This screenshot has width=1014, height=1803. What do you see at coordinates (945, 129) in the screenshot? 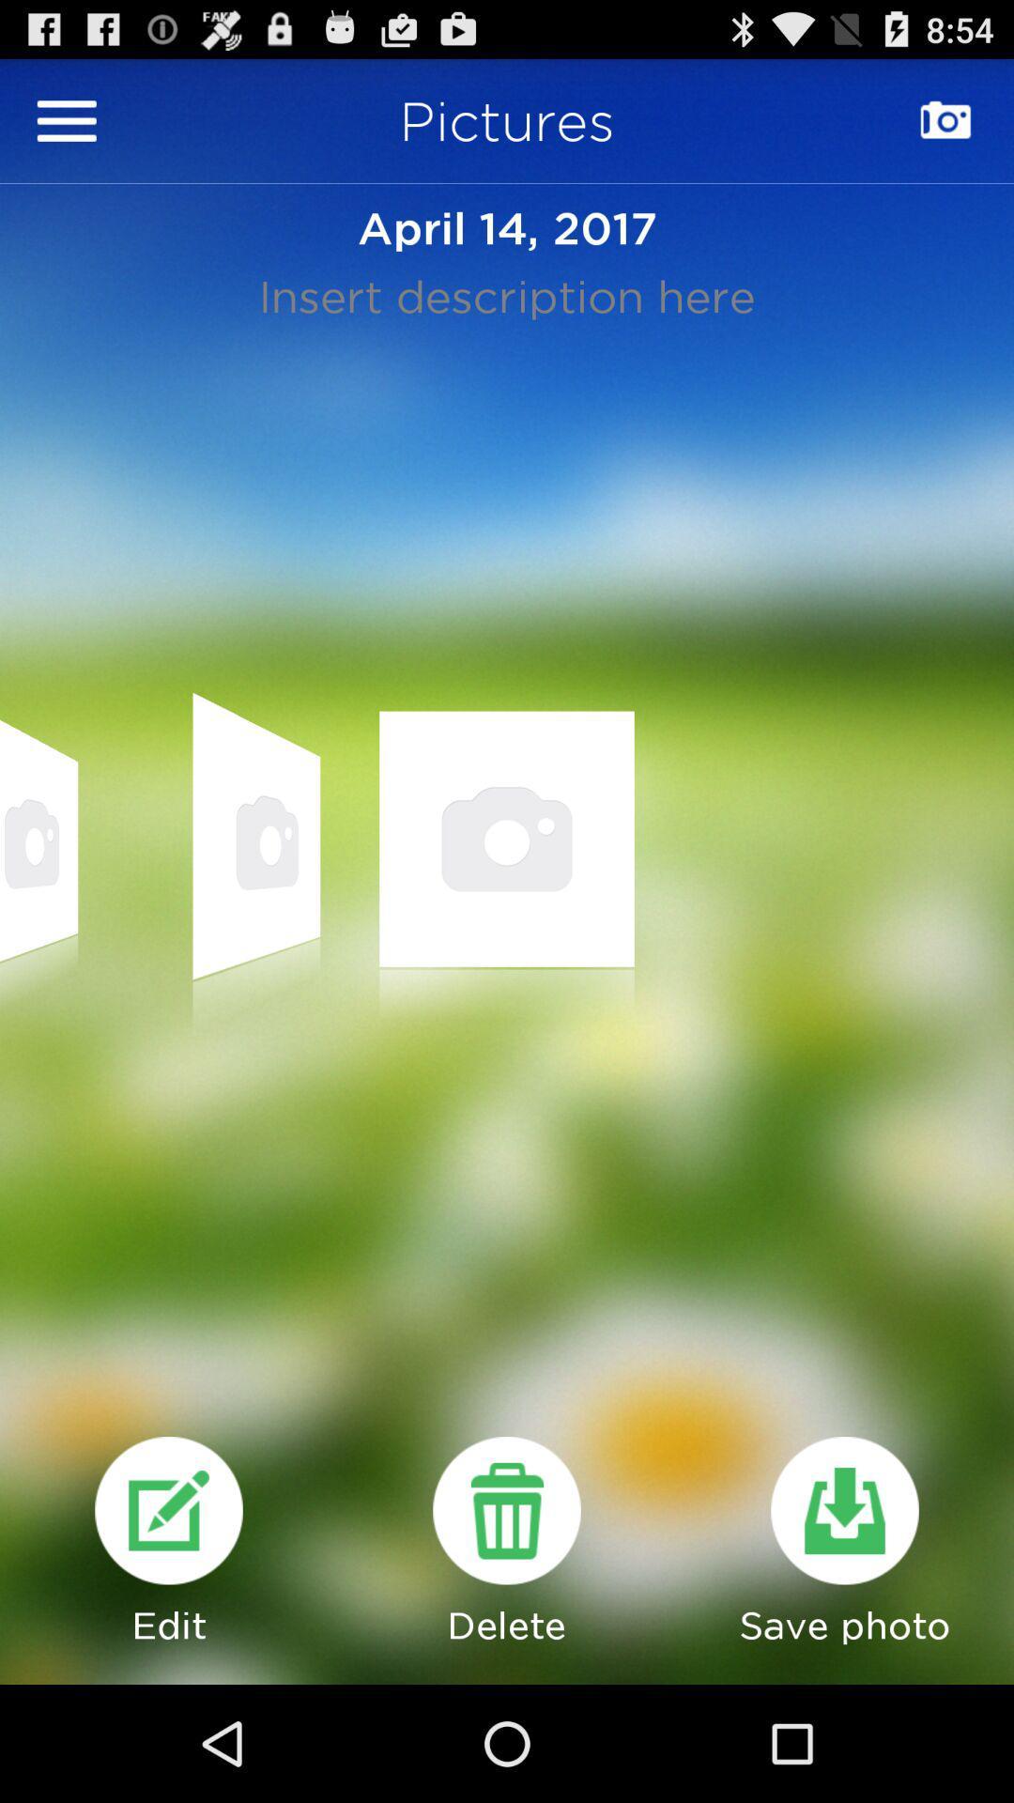
I see `the photo icon` at bounding box center [945, 129].